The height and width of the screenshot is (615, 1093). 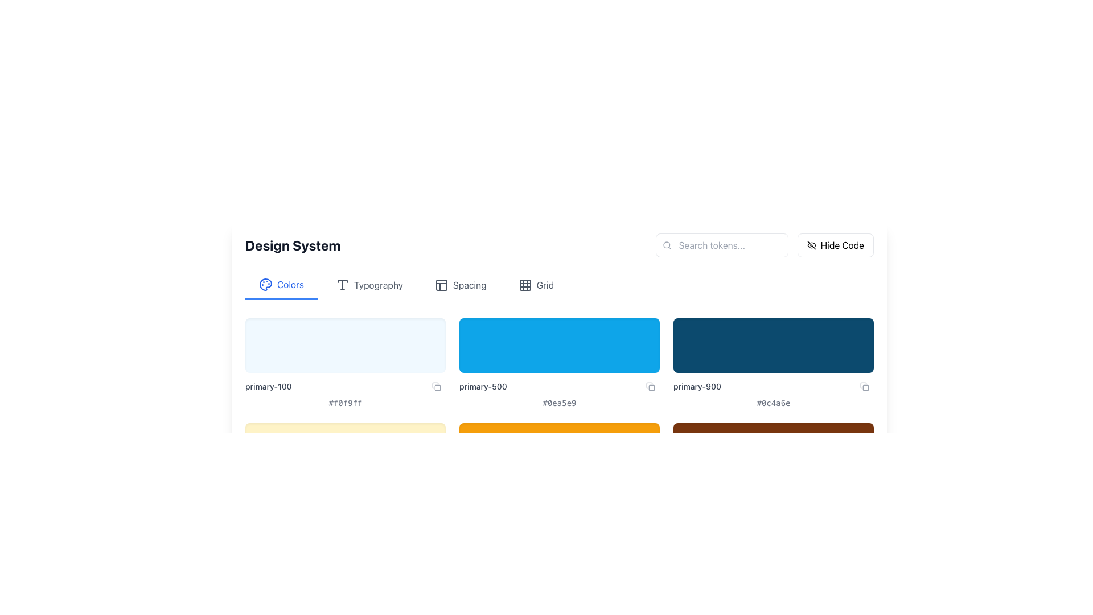 What do you see at coordinates (560, 345) in the screenshot?
I see `the bright blue color swatch (#0ea5e9) to copy its color identification` at bounding box center [560, 345].